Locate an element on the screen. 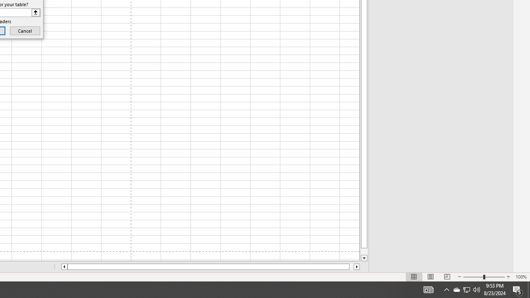 This screenshot has width=530, height=298. 'Line down' is located at coordinates (364, 258).